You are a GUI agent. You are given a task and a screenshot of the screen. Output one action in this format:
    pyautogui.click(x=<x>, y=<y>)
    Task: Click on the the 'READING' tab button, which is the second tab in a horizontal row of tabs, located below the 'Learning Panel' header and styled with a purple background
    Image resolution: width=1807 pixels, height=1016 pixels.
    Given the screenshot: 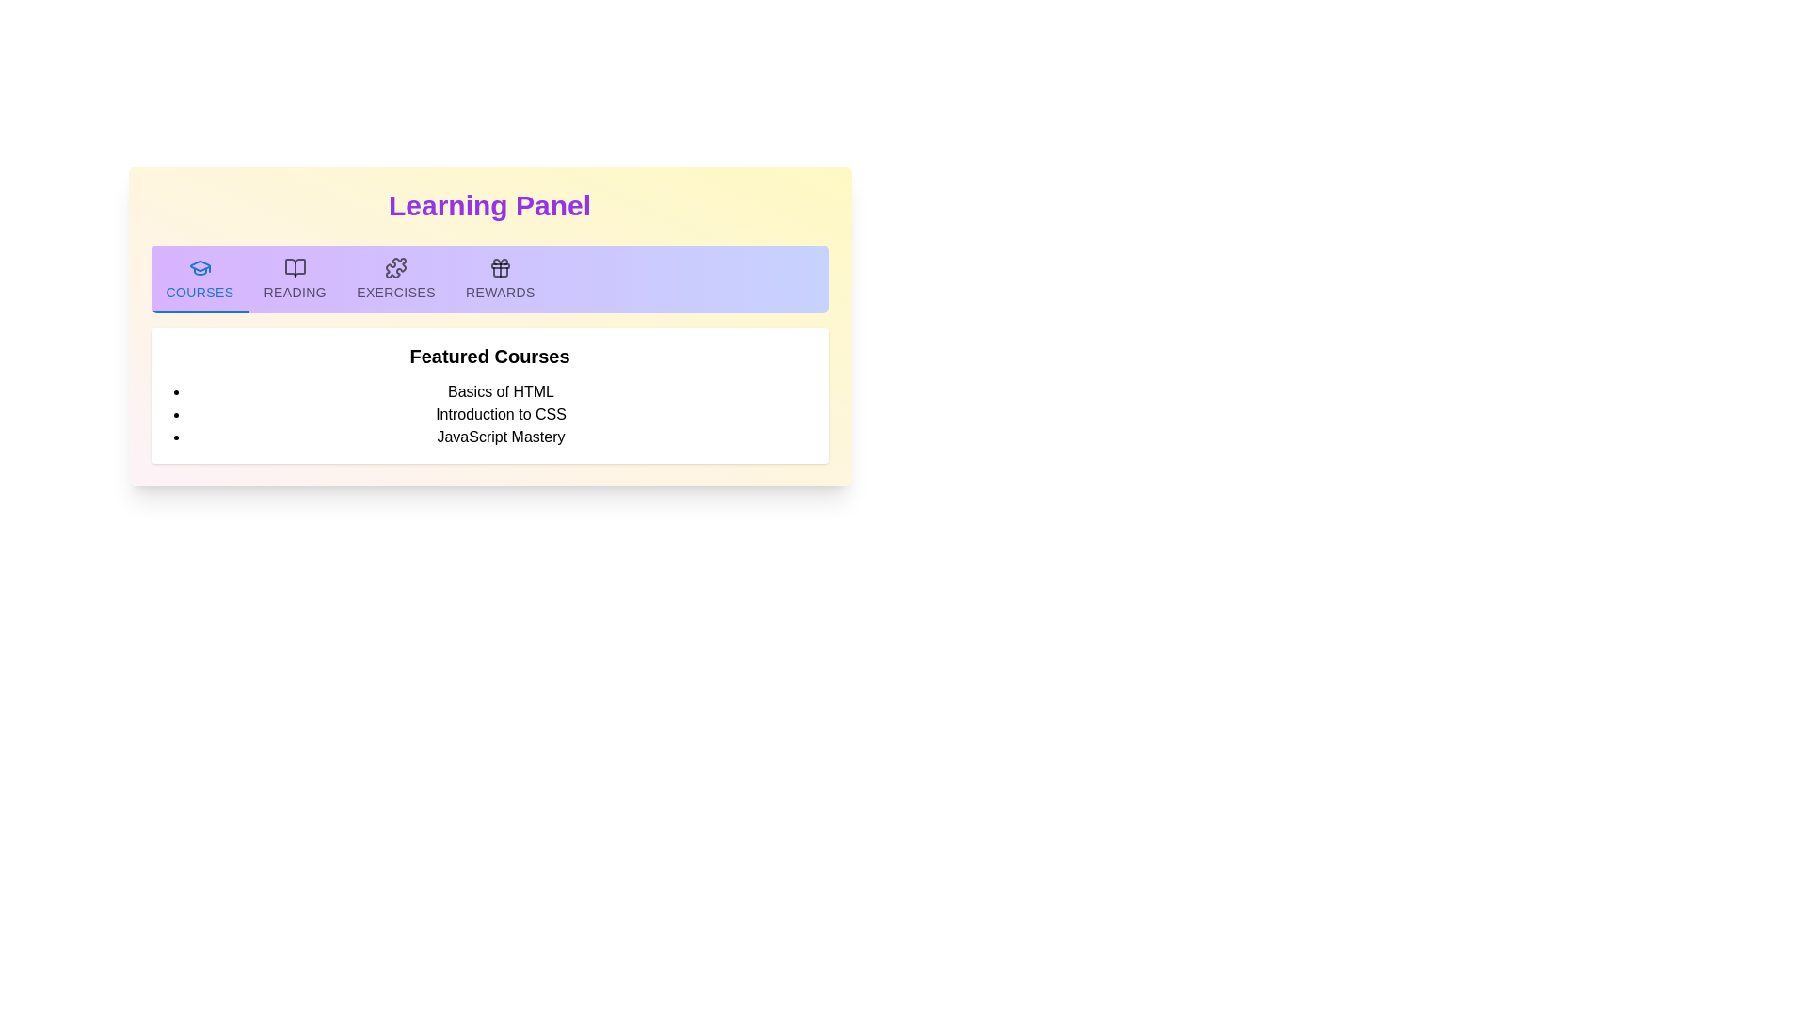 What is the action you would take?
    pyautogui.click(x=294, y=279)
    